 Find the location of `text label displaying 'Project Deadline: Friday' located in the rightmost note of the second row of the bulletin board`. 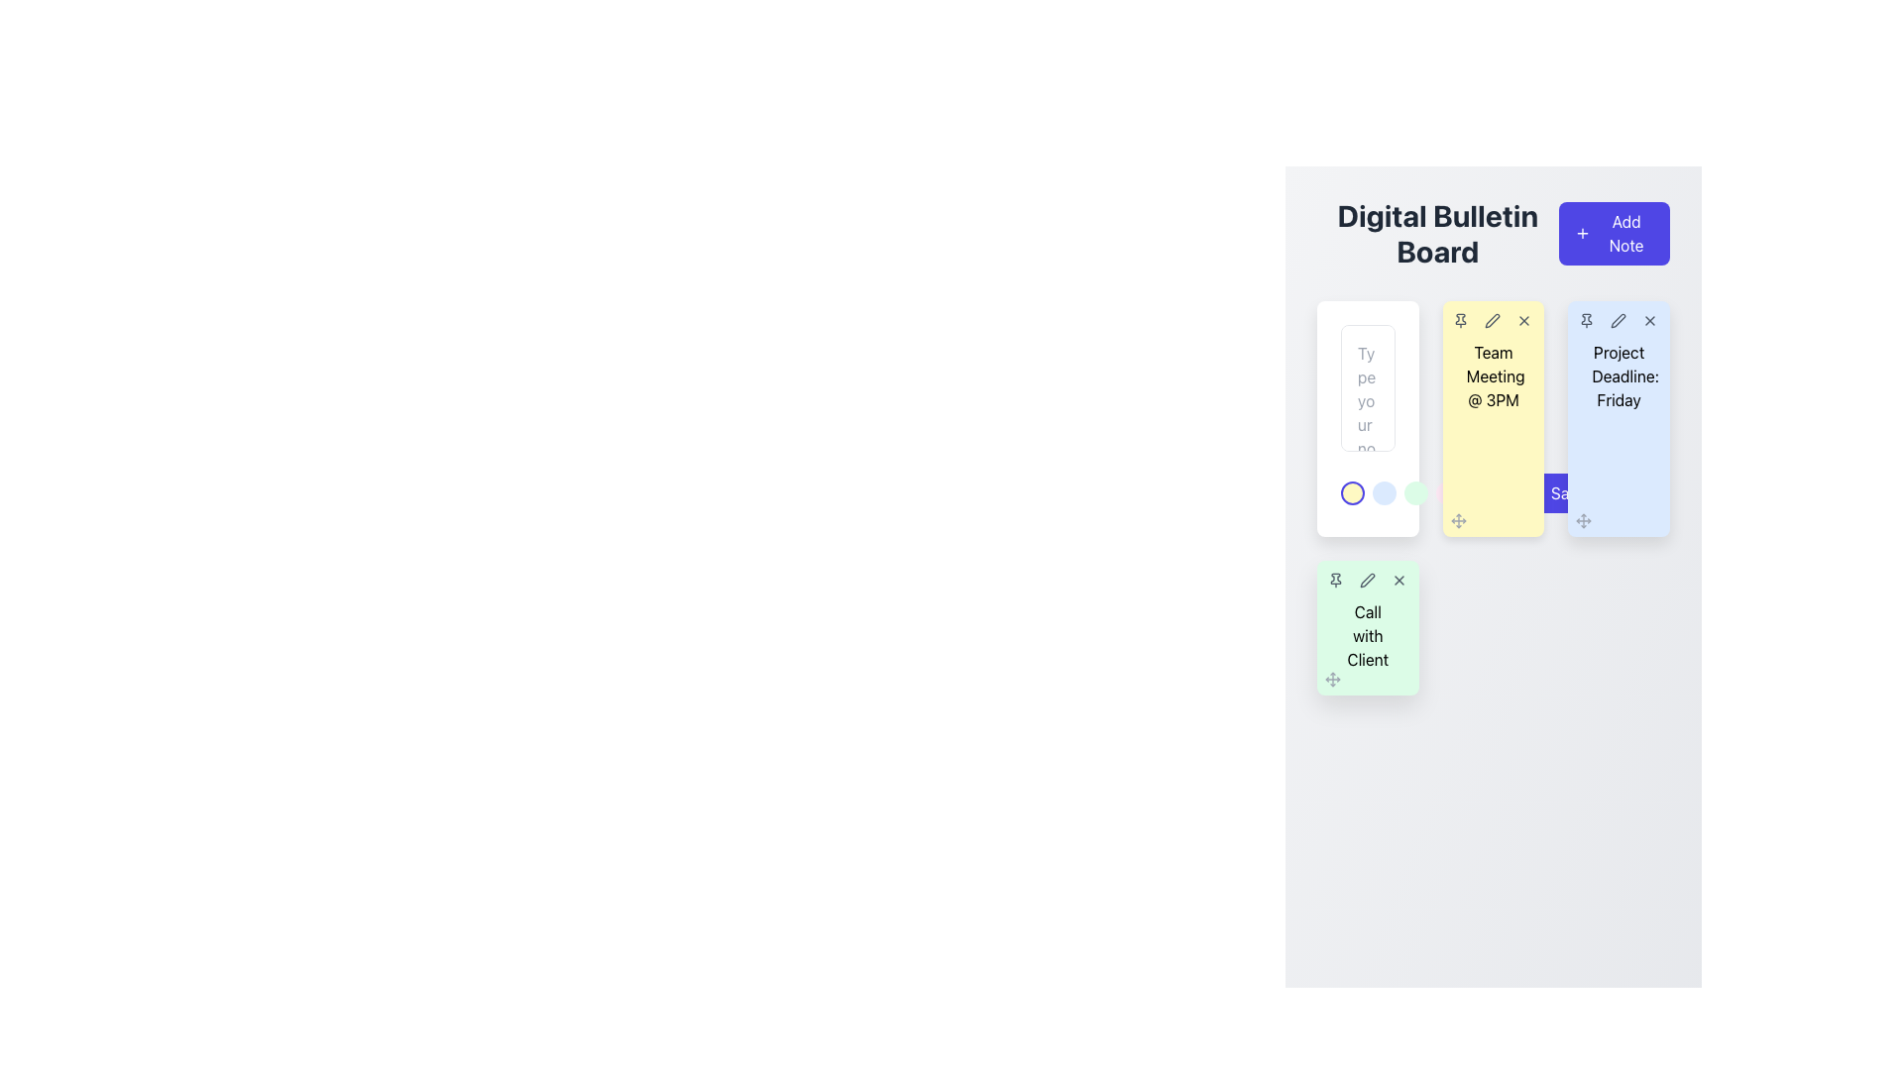

text label displaying 'Project Deadline: Friday' located in the rightmost note of the second row of the bulletin board is located at coordinates (1619, 376).